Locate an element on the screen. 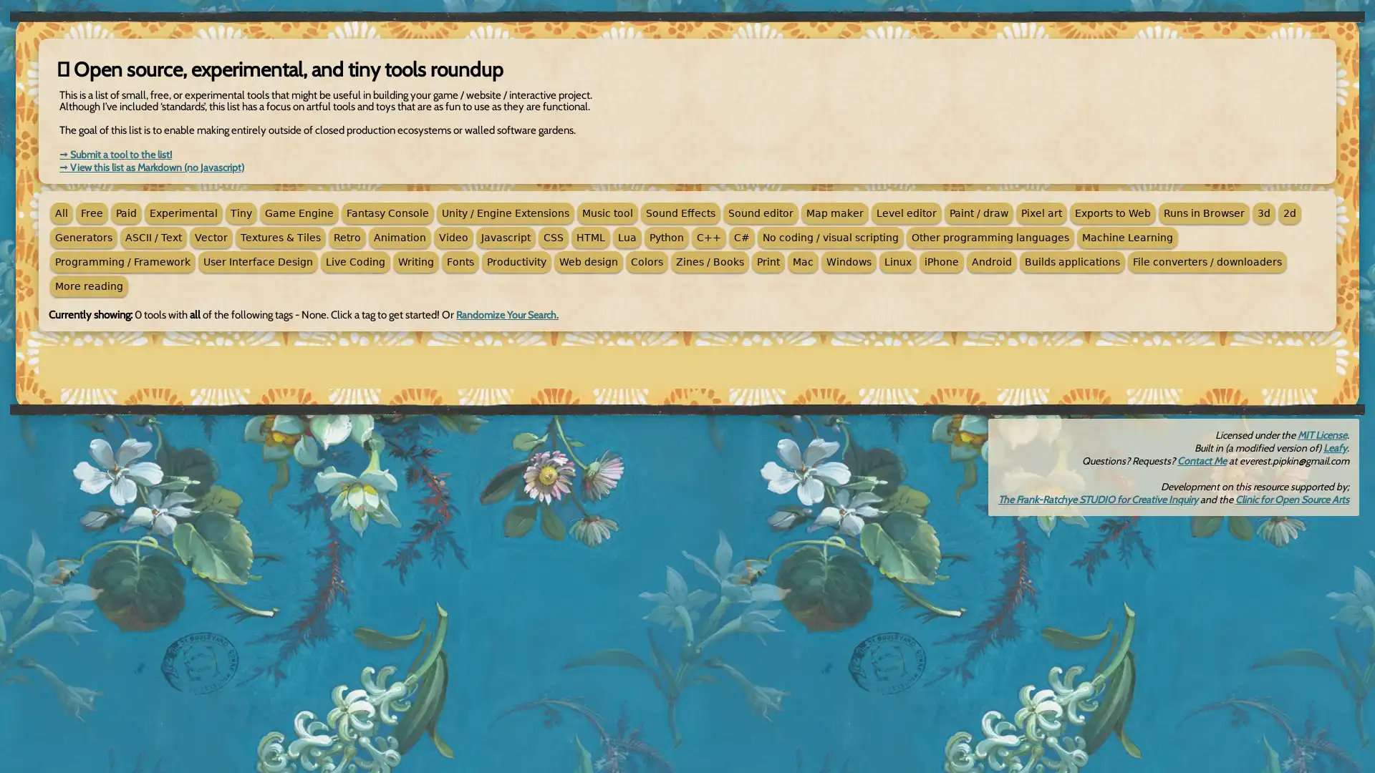 The image size is (1375, 773). Web design is located at coordinates (588, 262).